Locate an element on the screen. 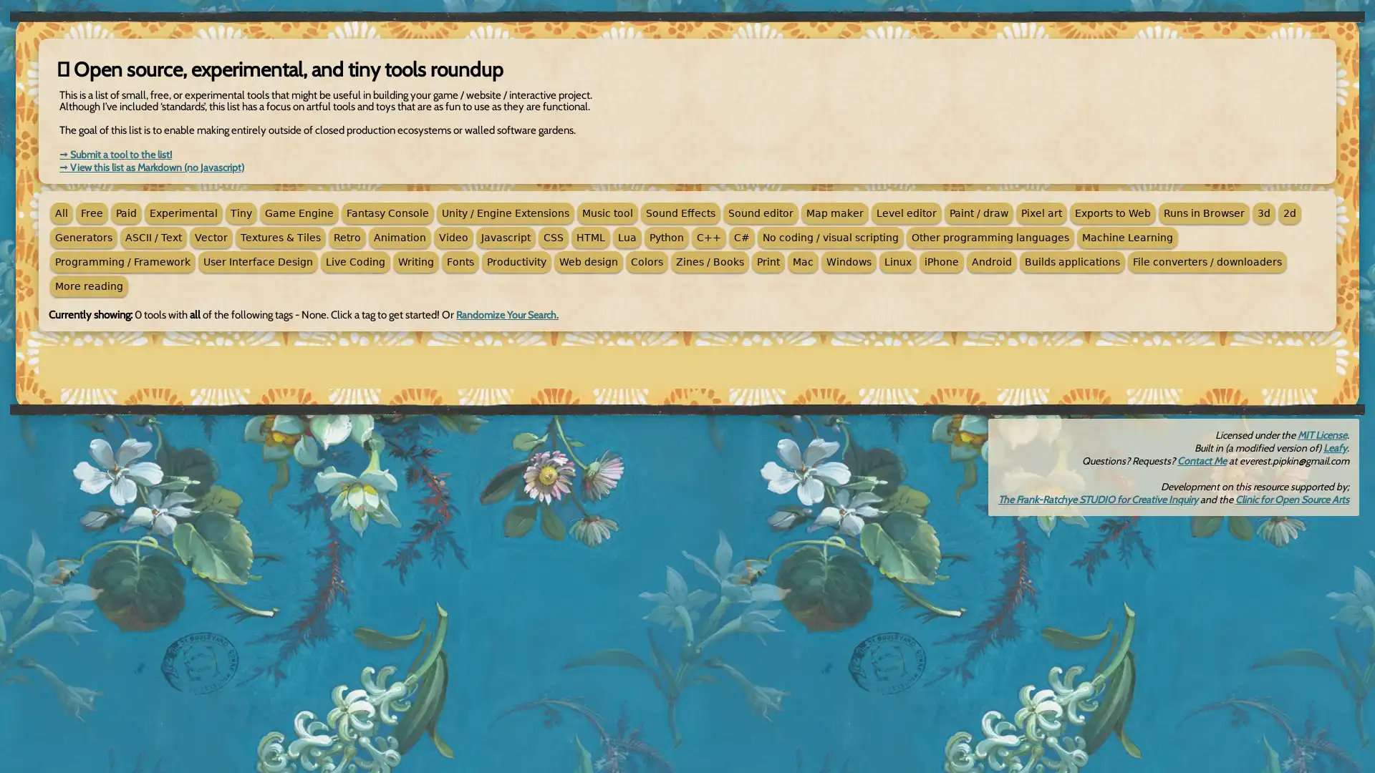 The image size is (1375, 773). Web design is located at coordinates (588, 262).